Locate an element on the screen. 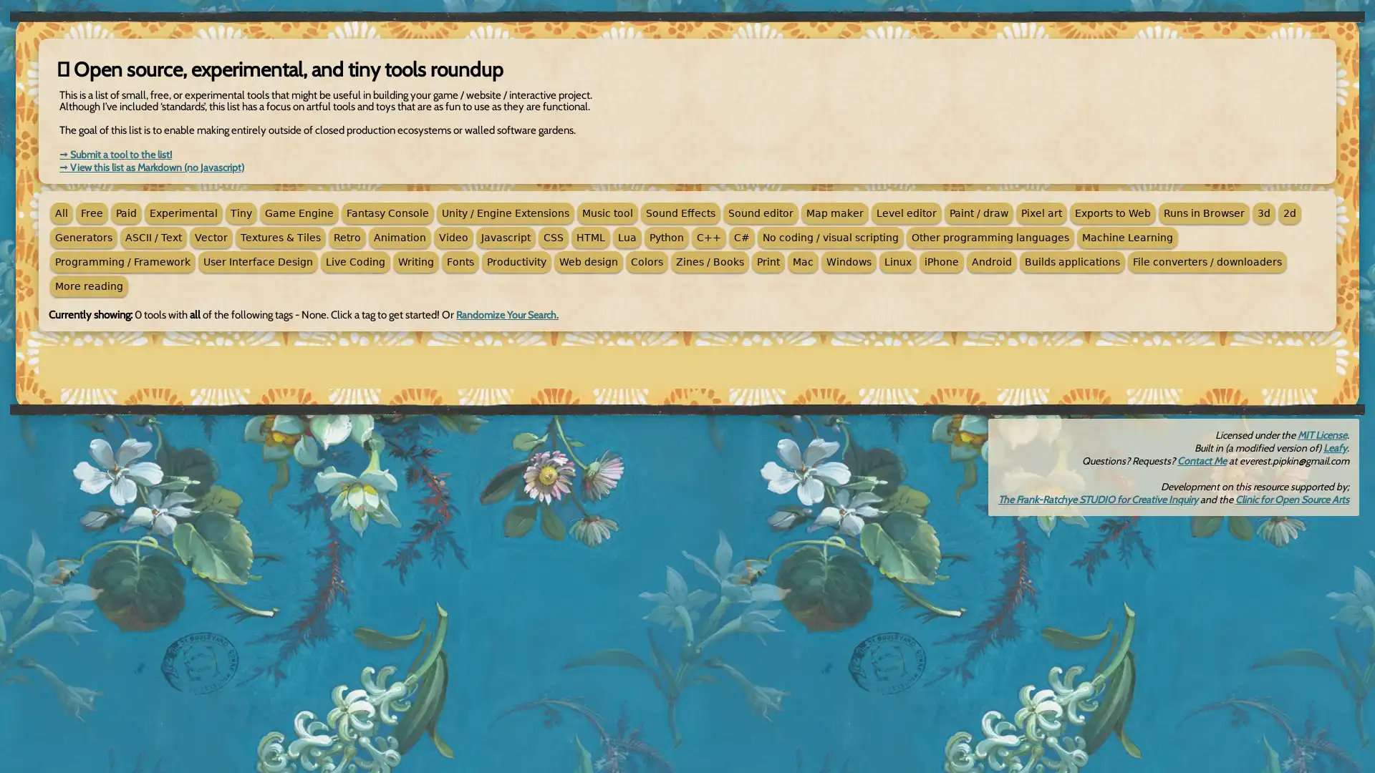 The image size is (1375, 773). Web design is located at coordinates (588, 262).